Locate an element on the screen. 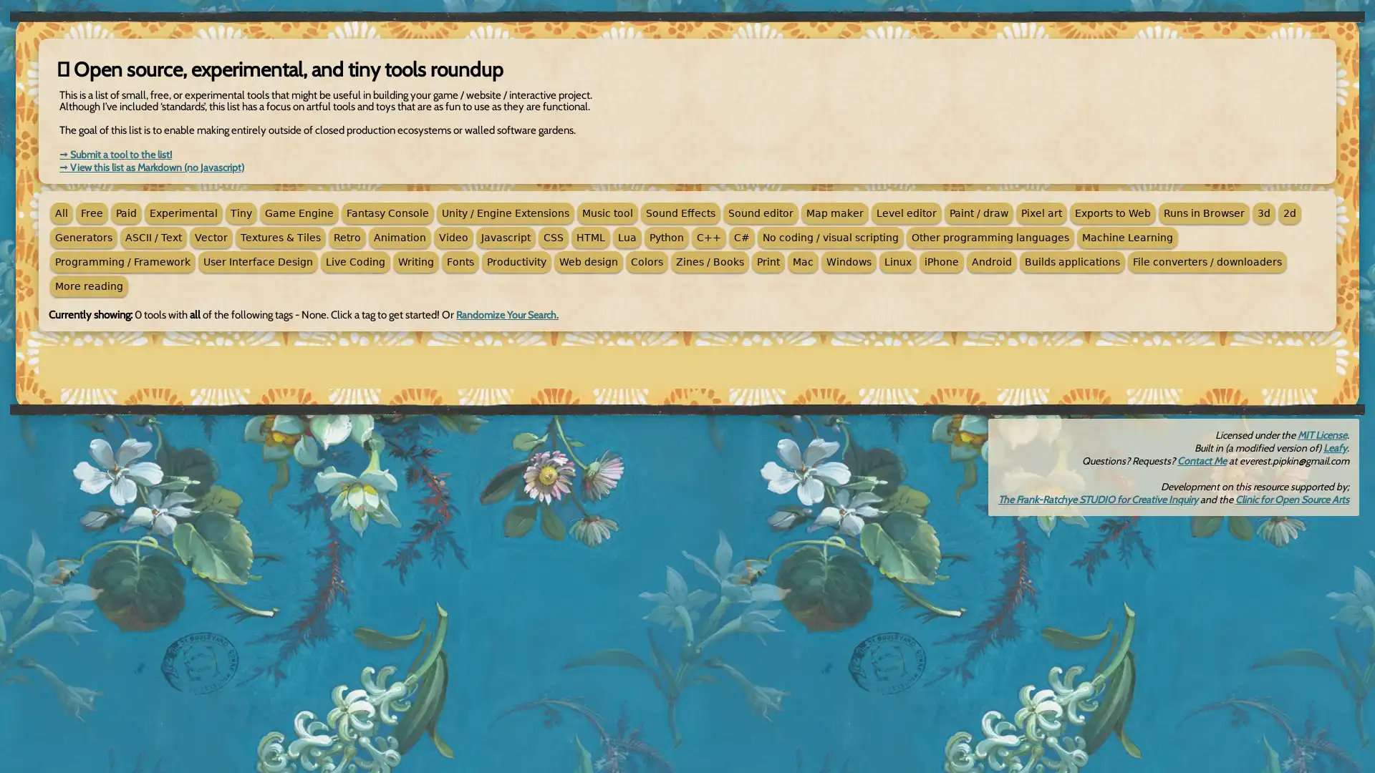 The image size is (1375, 773). Web design is located at coordinates (588, 262).